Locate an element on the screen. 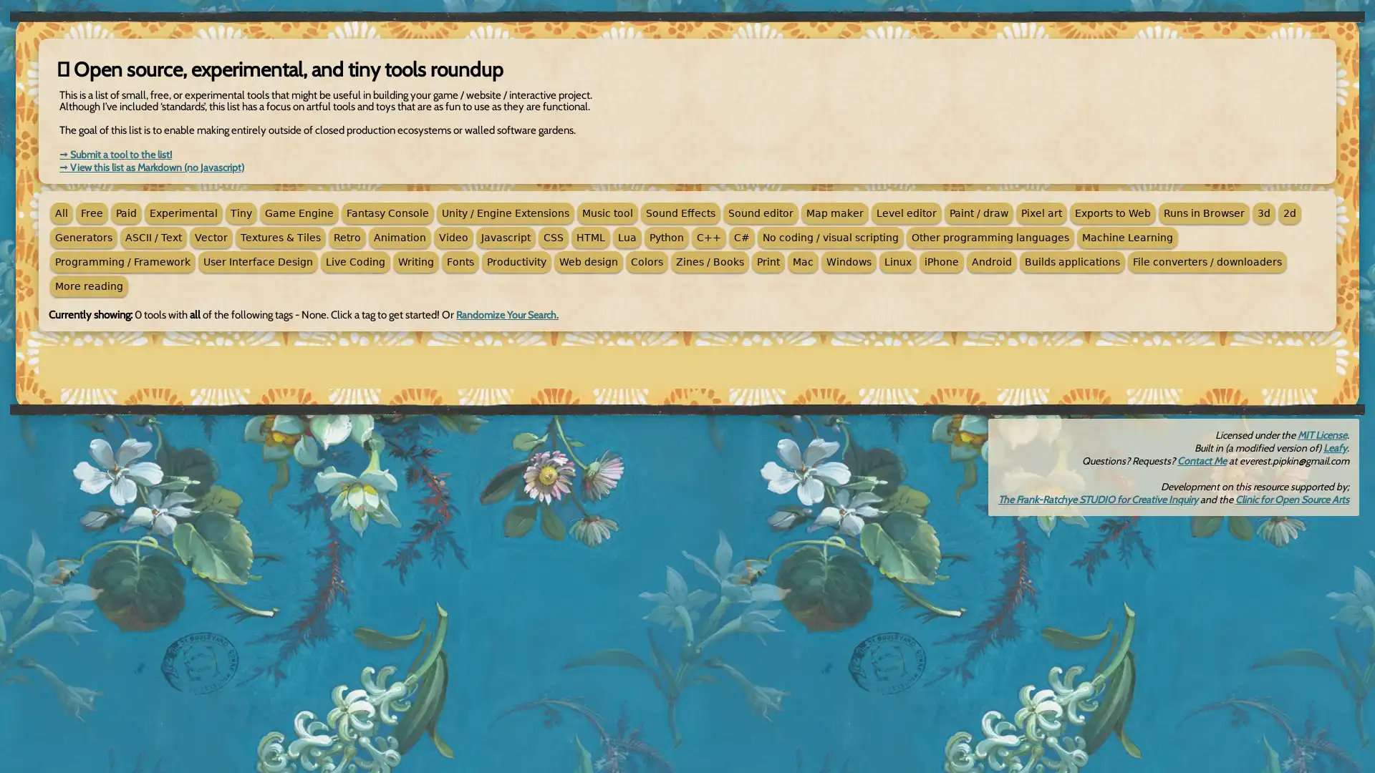 The image size is (1375, 773). Web design is located at coordinates (588, 262).